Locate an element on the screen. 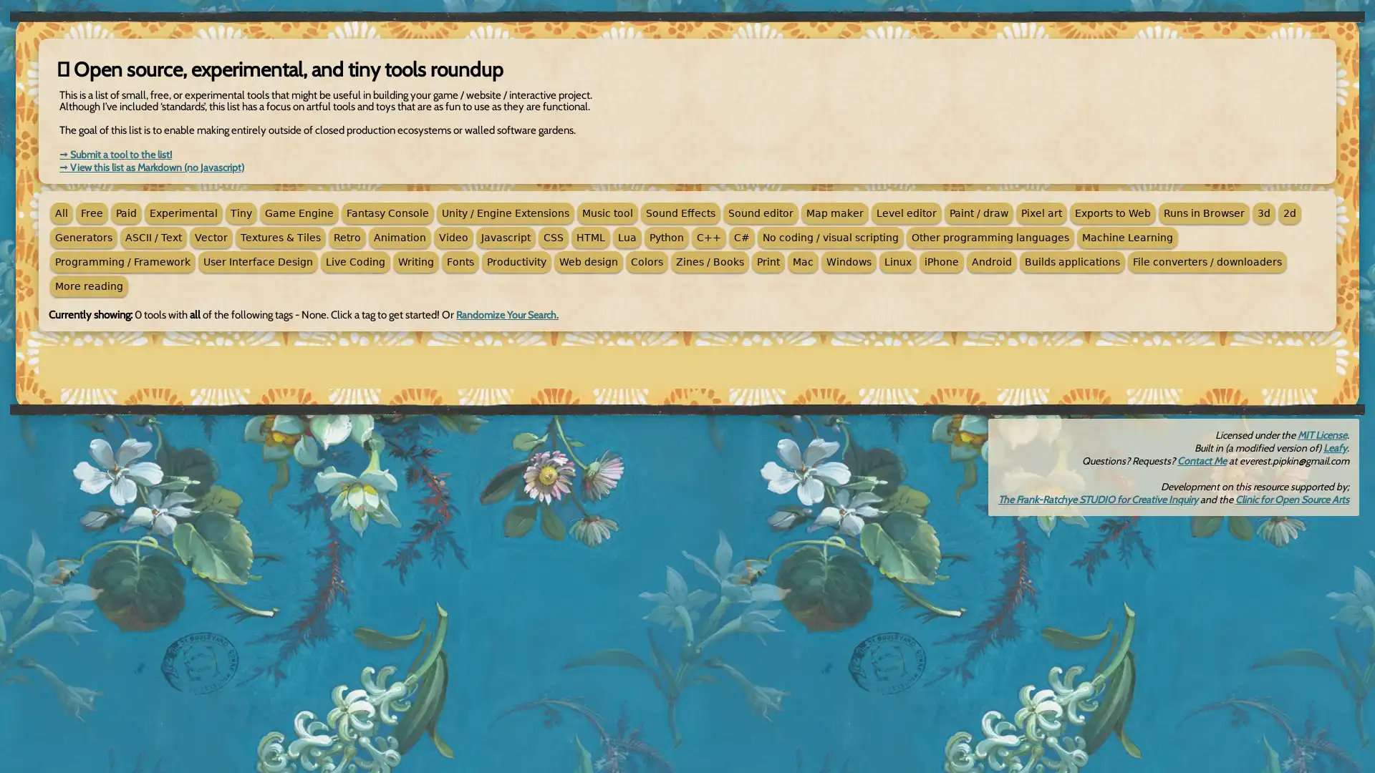 The image size is (1375, 773). Web design is located at coordinates (588, 262).